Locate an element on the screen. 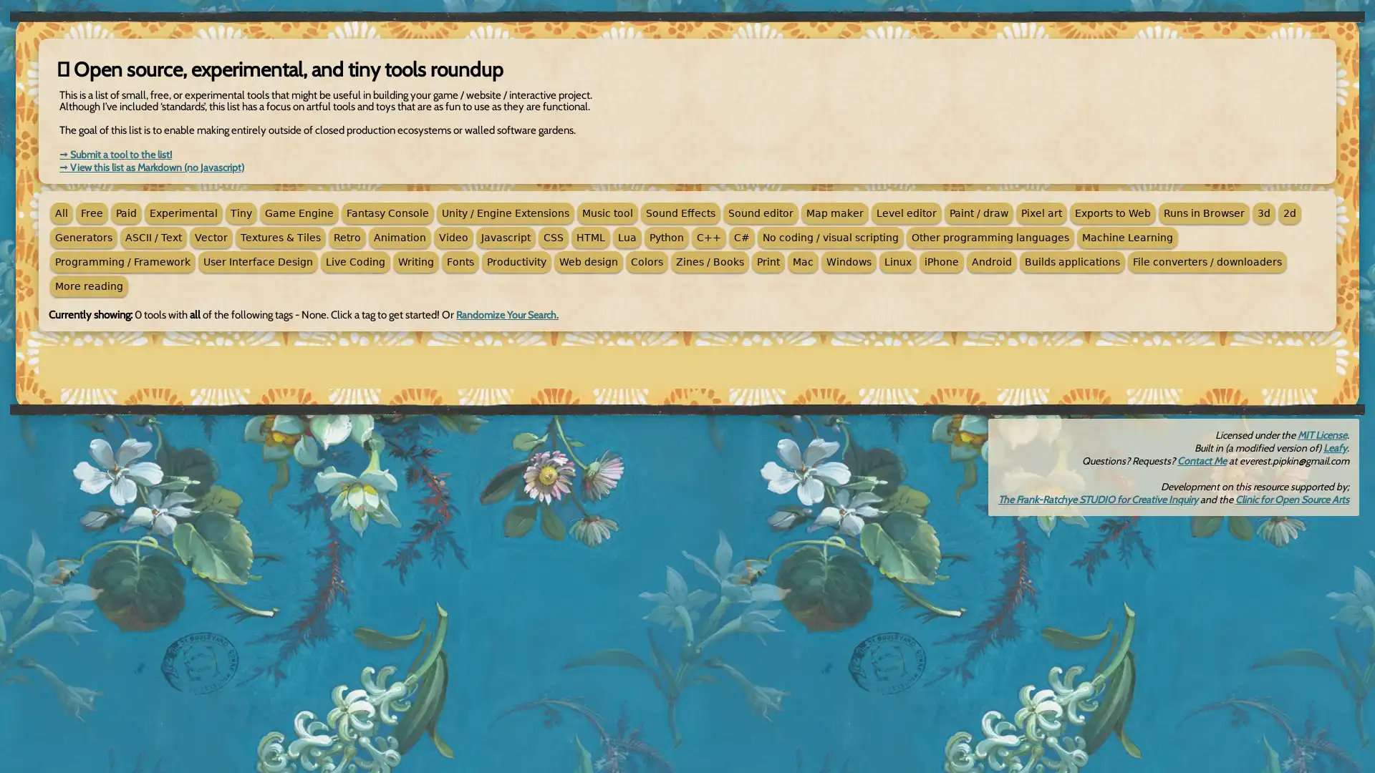 The image size is (1375, 773). Web design is located at coordinates (588, 262).